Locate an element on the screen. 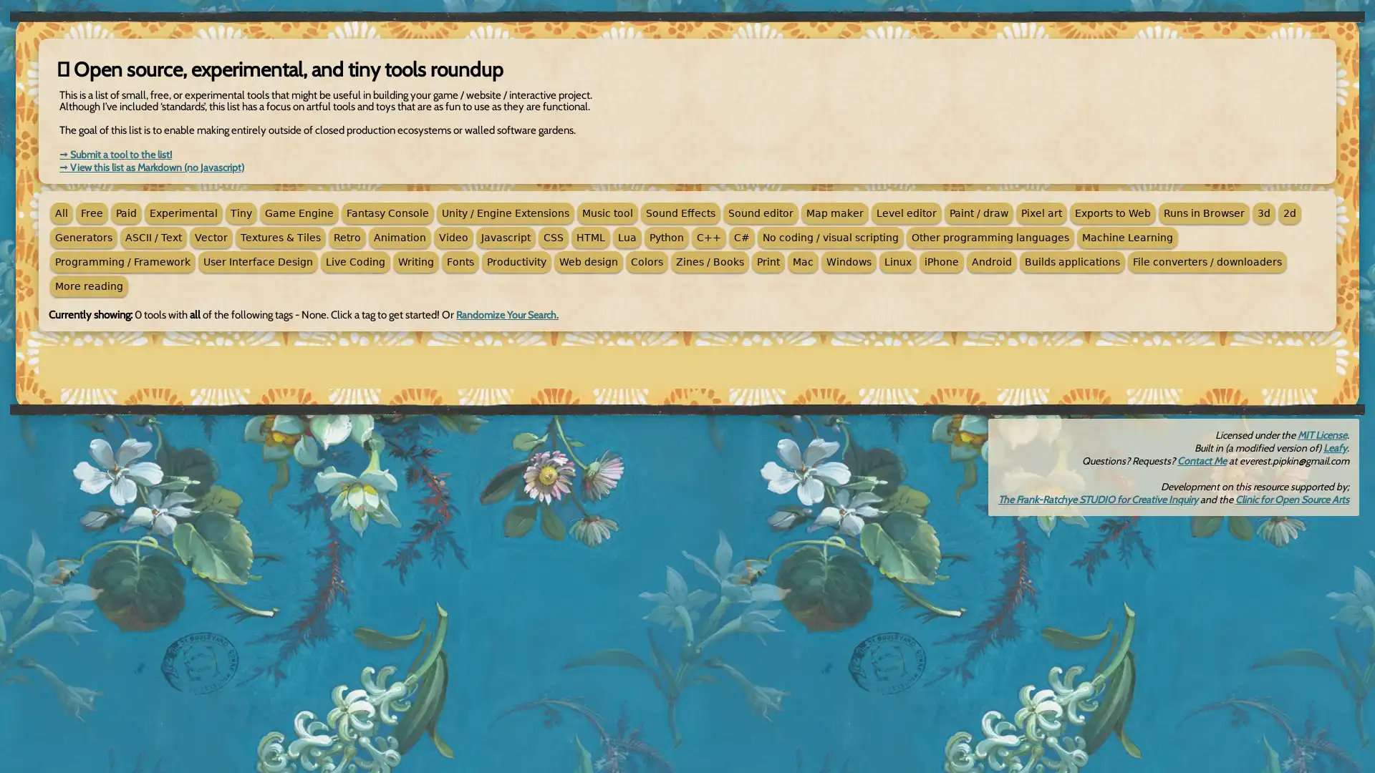 The image size is (1375, 773). Web design is located at coordinates (588, 262).